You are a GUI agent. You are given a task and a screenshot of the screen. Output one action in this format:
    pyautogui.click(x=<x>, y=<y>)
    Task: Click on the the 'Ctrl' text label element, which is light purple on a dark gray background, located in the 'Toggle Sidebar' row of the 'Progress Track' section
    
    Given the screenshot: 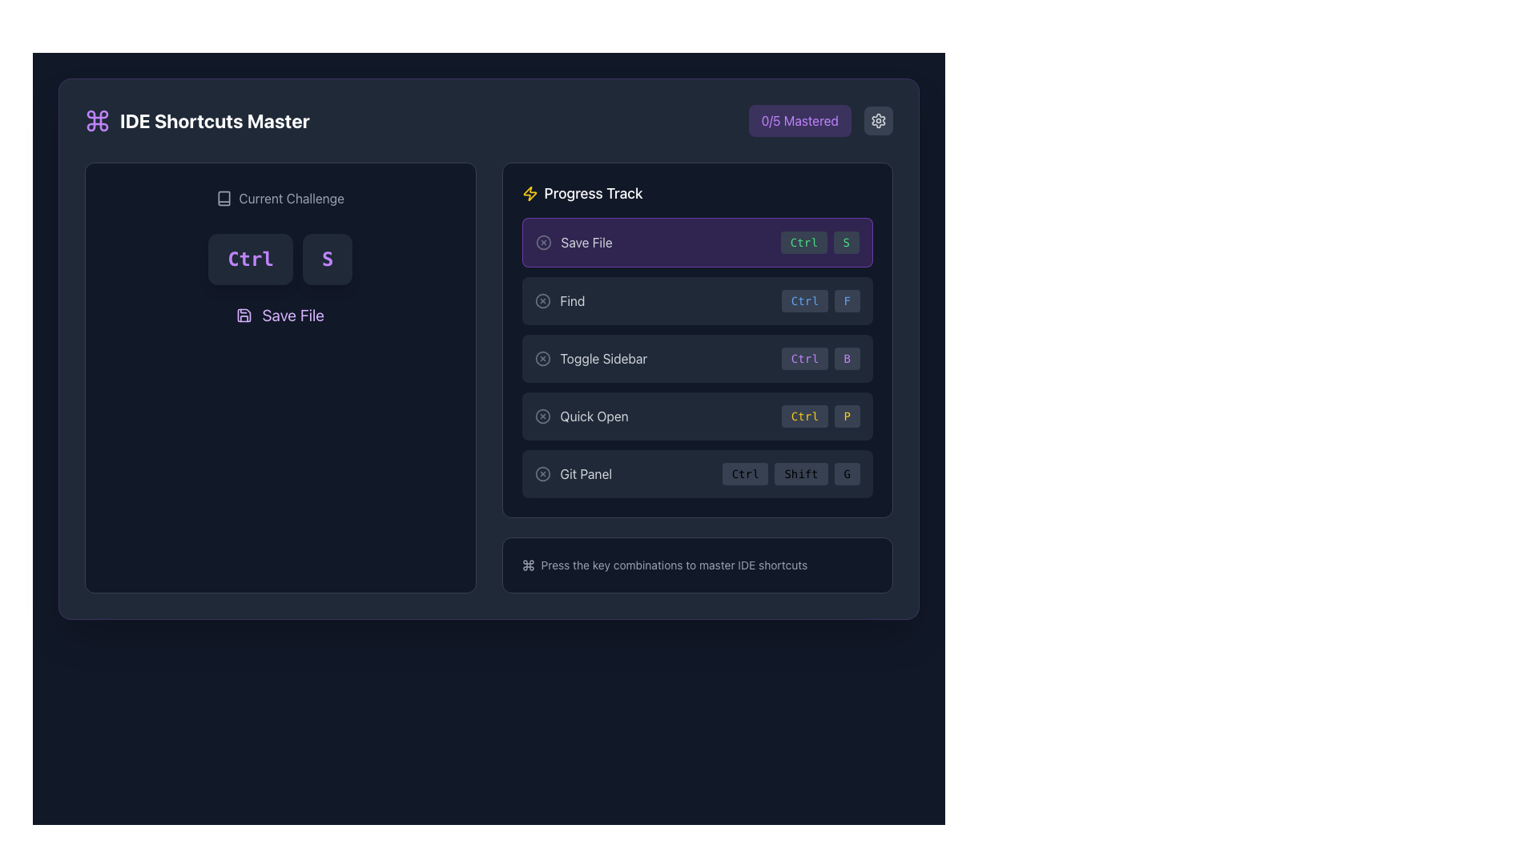 What is the action you would take?
    pyautogui.click(x=804, y=357)
    